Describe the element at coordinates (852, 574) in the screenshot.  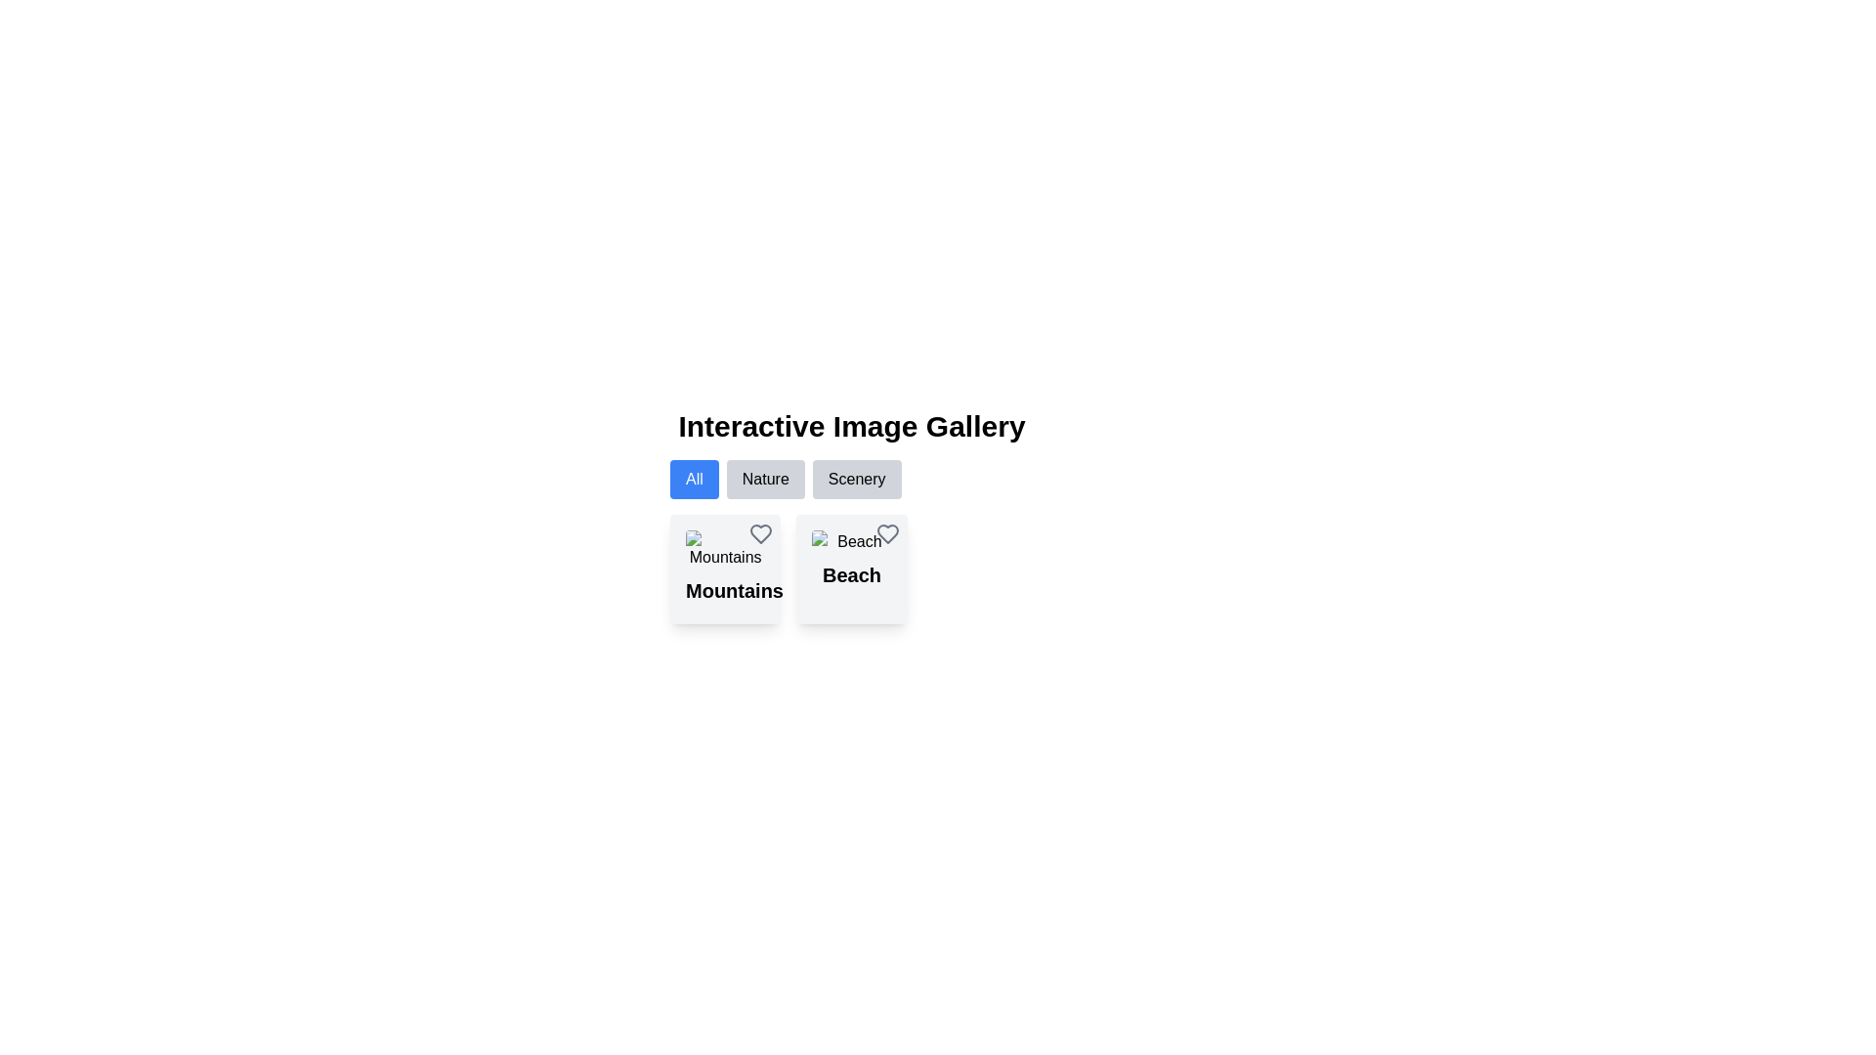
I see `the bold text label displaying the word 'Beach'` at that location.